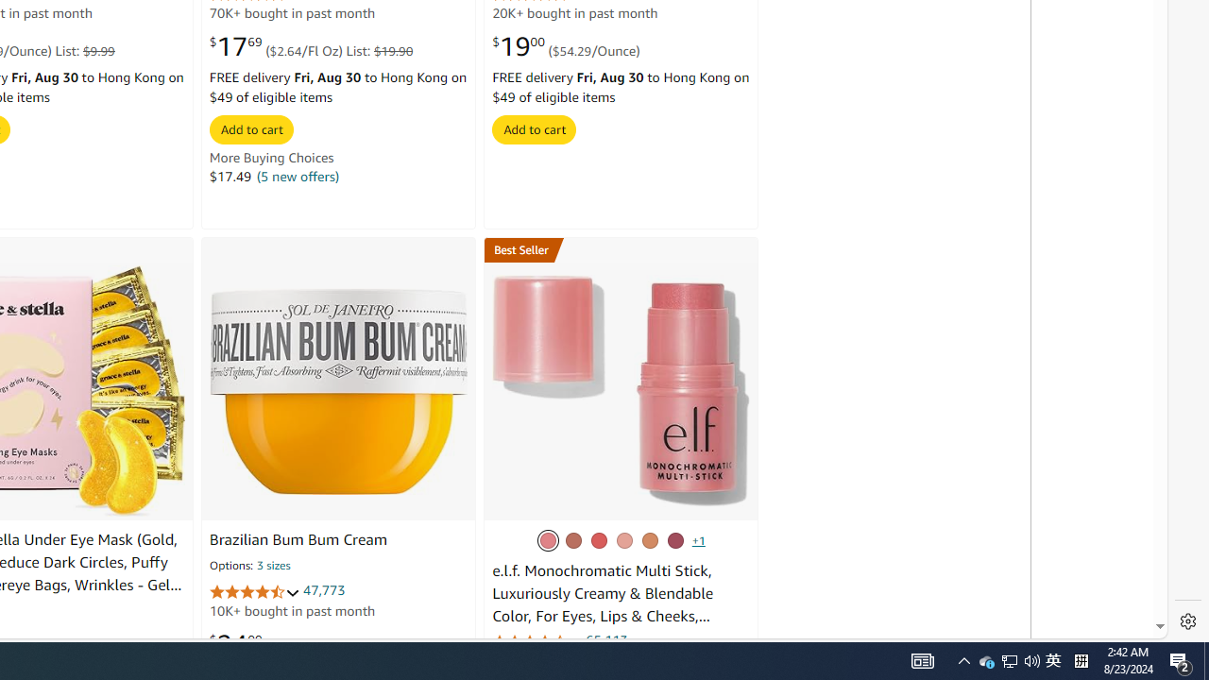 The image size is (1209, 680). What do you see at coordinates (536, 640) in the screenshot?
I see `'4.3 out of 5 stars'` at bounding box center [536, 640].